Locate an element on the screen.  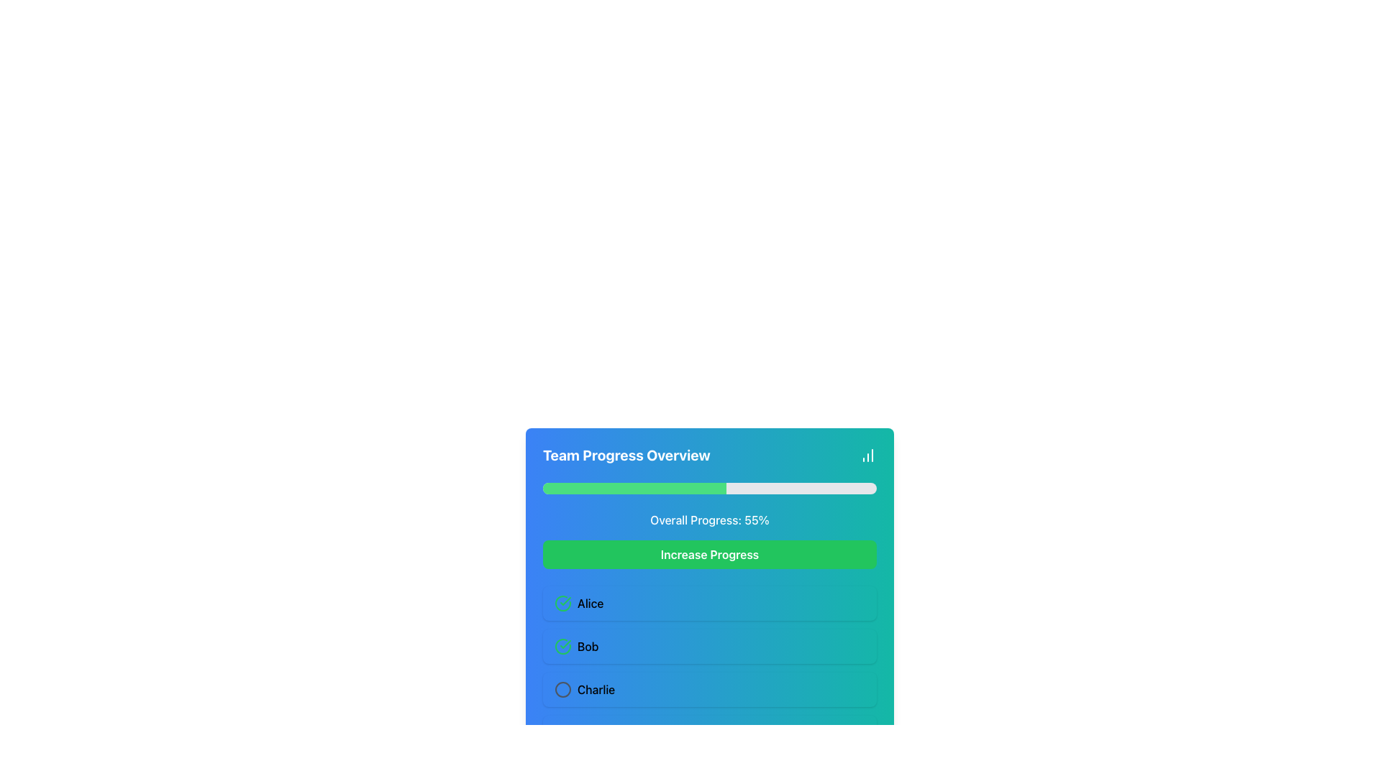
the status indicator circle next to user 'Charlie' is located at coordinates (562, 689).